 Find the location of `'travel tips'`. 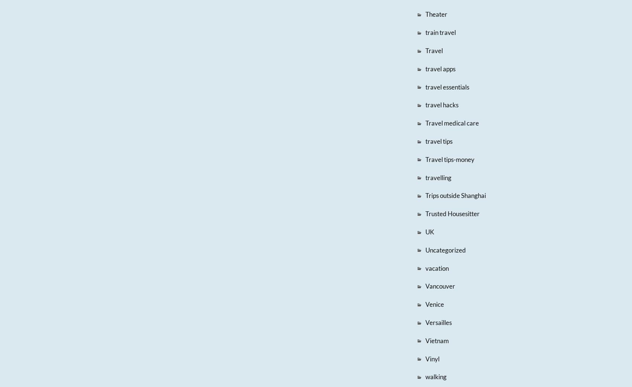

'travel tips' is located at coordinates (438, 141).